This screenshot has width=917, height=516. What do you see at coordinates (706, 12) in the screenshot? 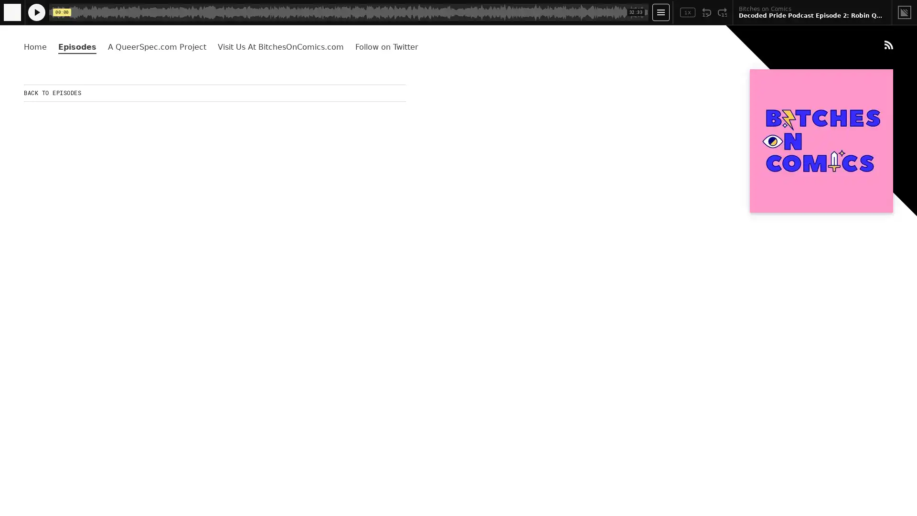
I see `Rewind 15 Seconds` at bounding box center [706, 12].